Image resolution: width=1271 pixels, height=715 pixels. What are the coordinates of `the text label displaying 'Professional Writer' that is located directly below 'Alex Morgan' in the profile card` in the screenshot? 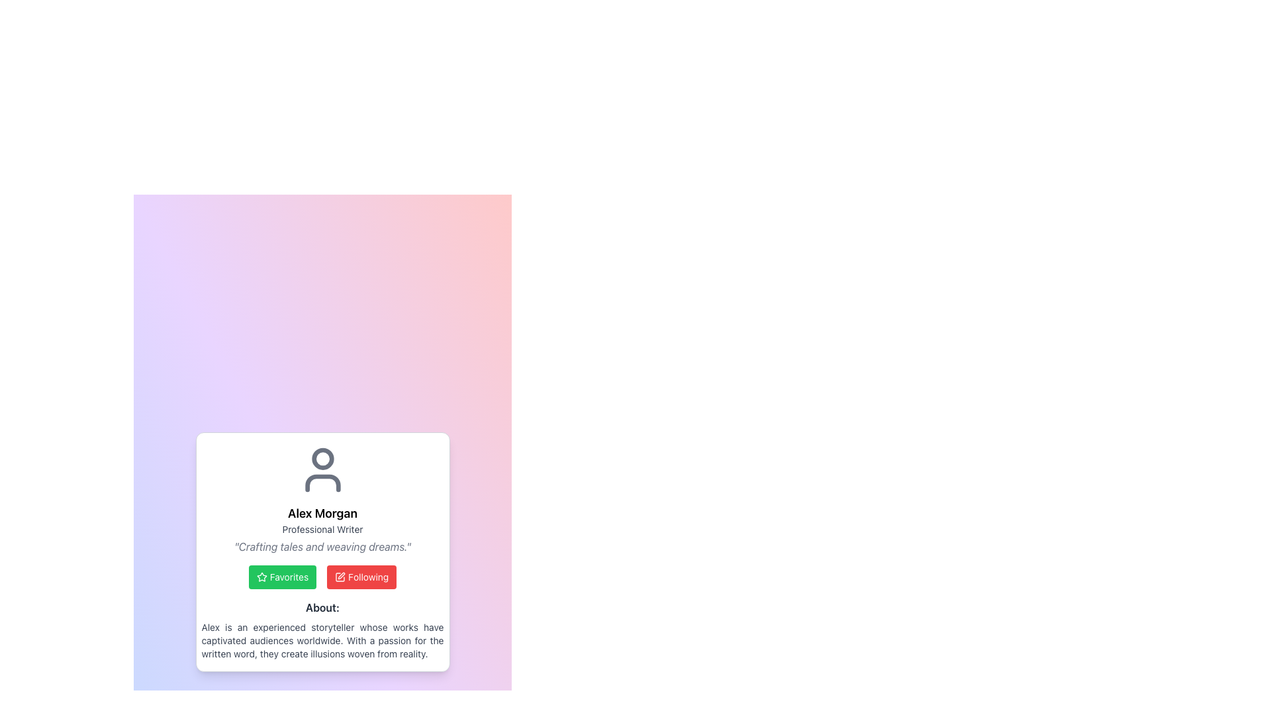 It's located at (322, 528).